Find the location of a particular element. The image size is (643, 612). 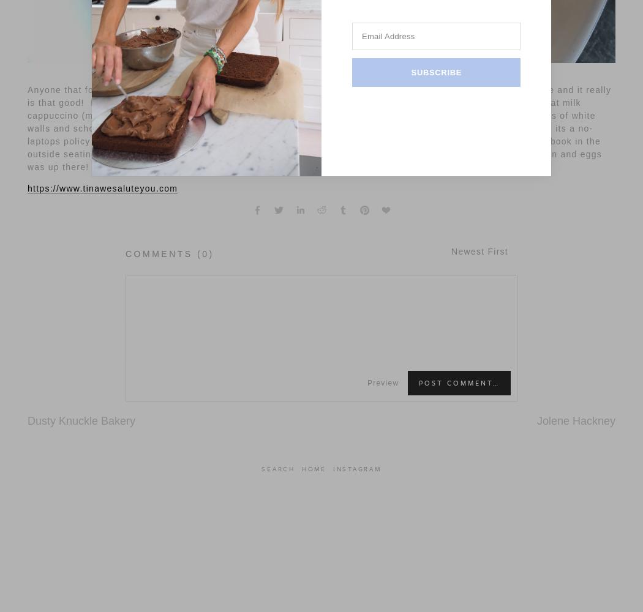

'Jolene Hackney' is located at coordinates (575, 420).